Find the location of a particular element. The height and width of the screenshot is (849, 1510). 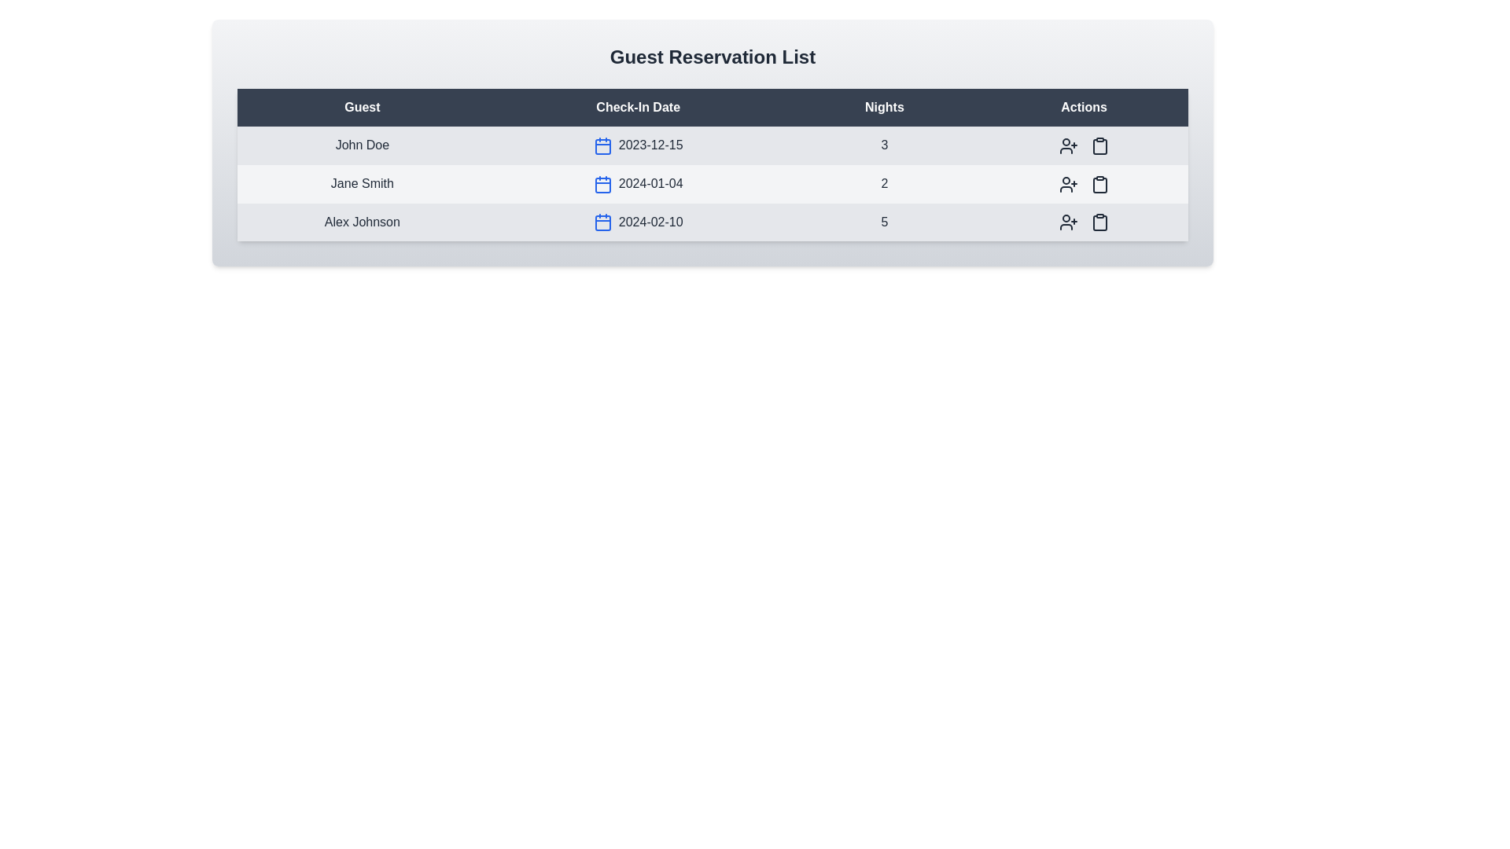

the table cell displaying the number '5' in bold, centered style, located in the third row under the 'Nights' column and in line with the 'Alex Johnson' row is located at coordinates (884, 222).